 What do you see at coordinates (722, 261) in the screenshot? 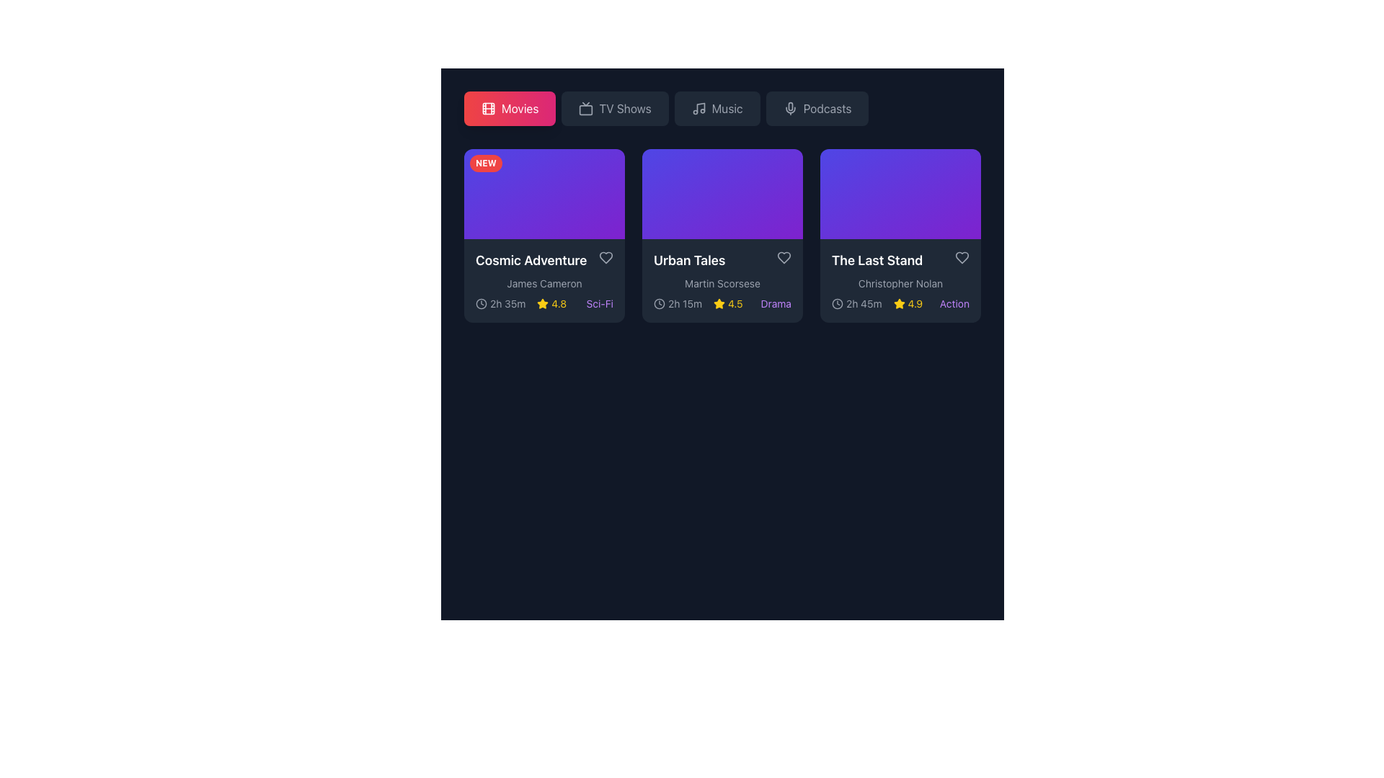
I see `text label titled 'Urban Tales', which is prominently displayed in white against a dark background on the second card in the 'Movies' category` at bounding box center [722, 261].